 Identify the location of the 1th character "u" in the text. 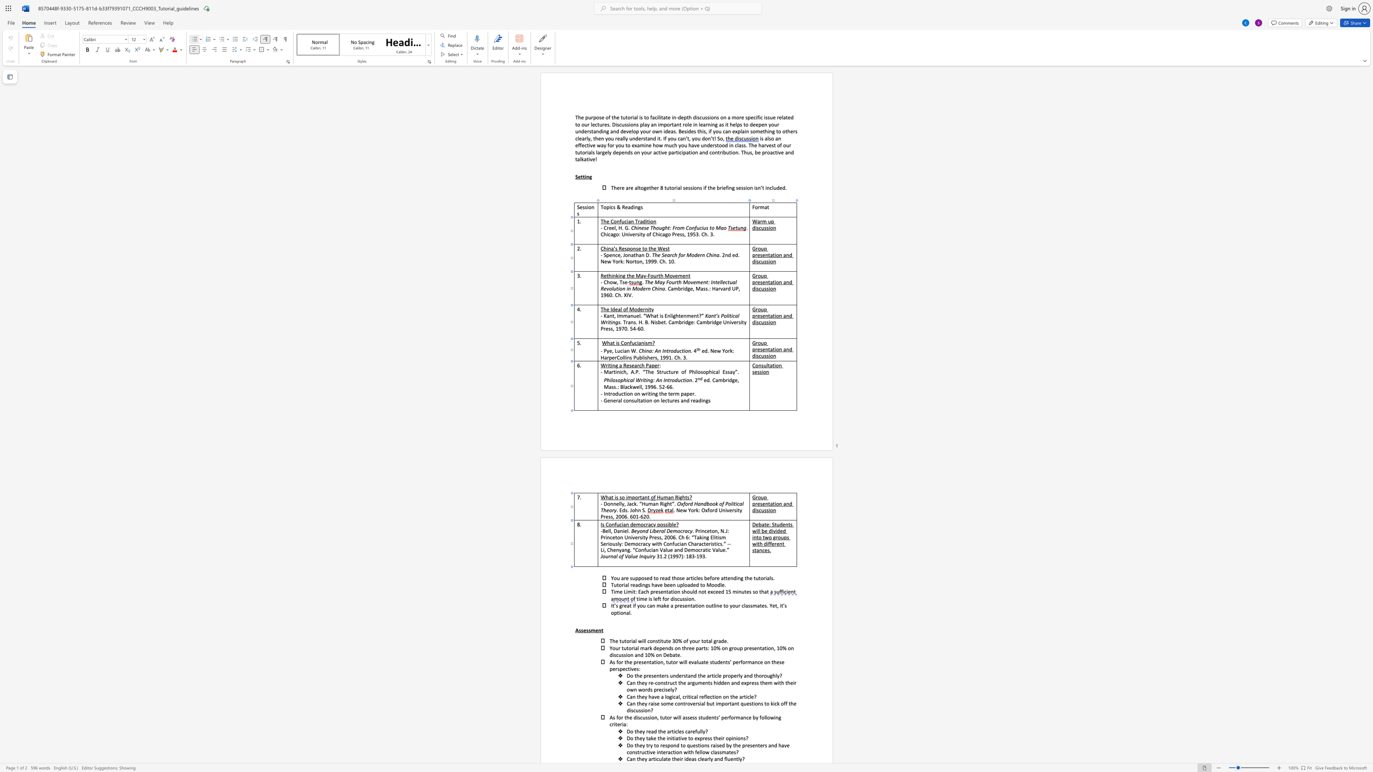
(698, 730).